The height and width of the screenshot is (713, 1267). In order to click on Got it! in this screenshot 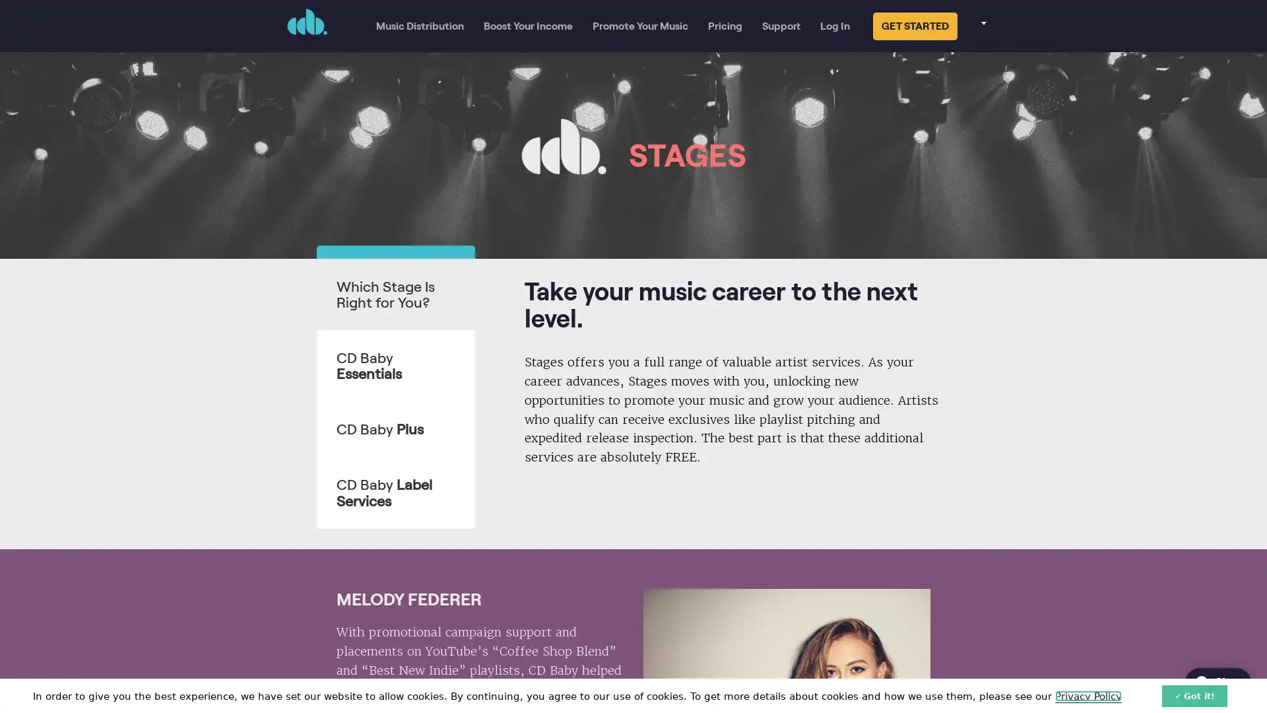, I will do `click(1194, 695)`.